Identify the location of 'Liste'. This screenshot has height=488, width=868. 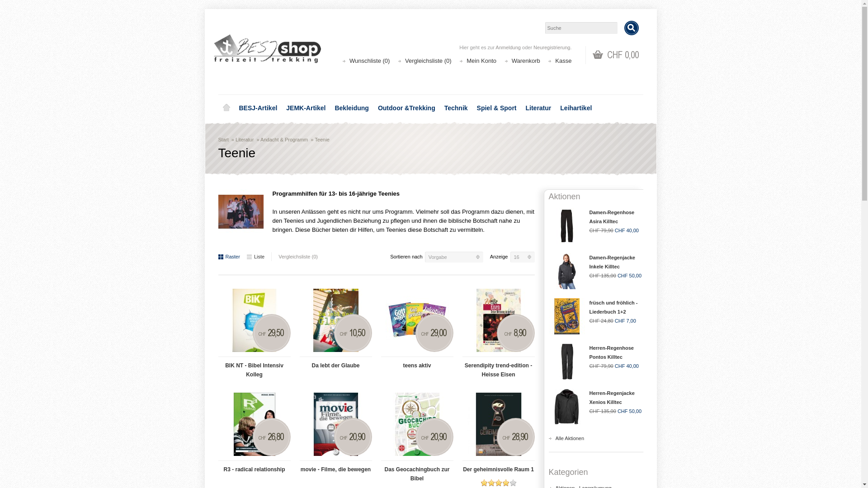
(255, 256).